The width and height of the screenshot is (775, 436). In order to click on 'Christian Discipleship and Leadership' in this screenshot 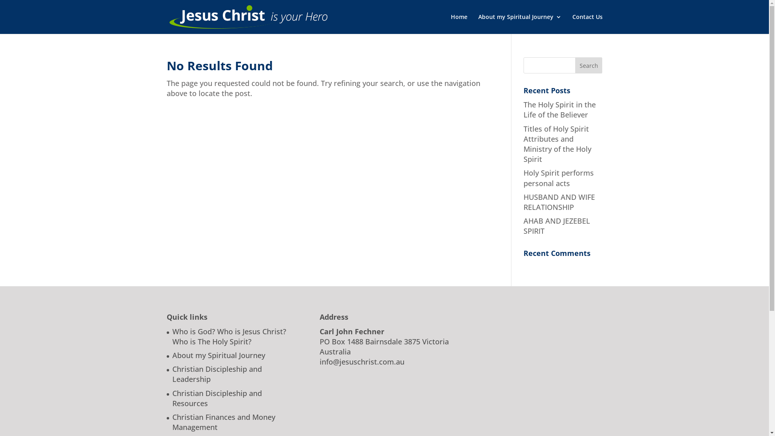, I will do `click(217, 374)`.